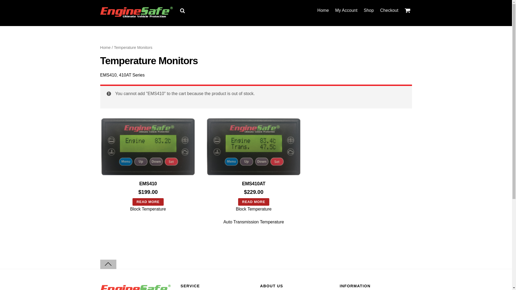 The height and width of the screenshot is (290, 516). Describe the element at coordinates (100, 15) in the screenshot. I see `'EngineSafe'` at that location.